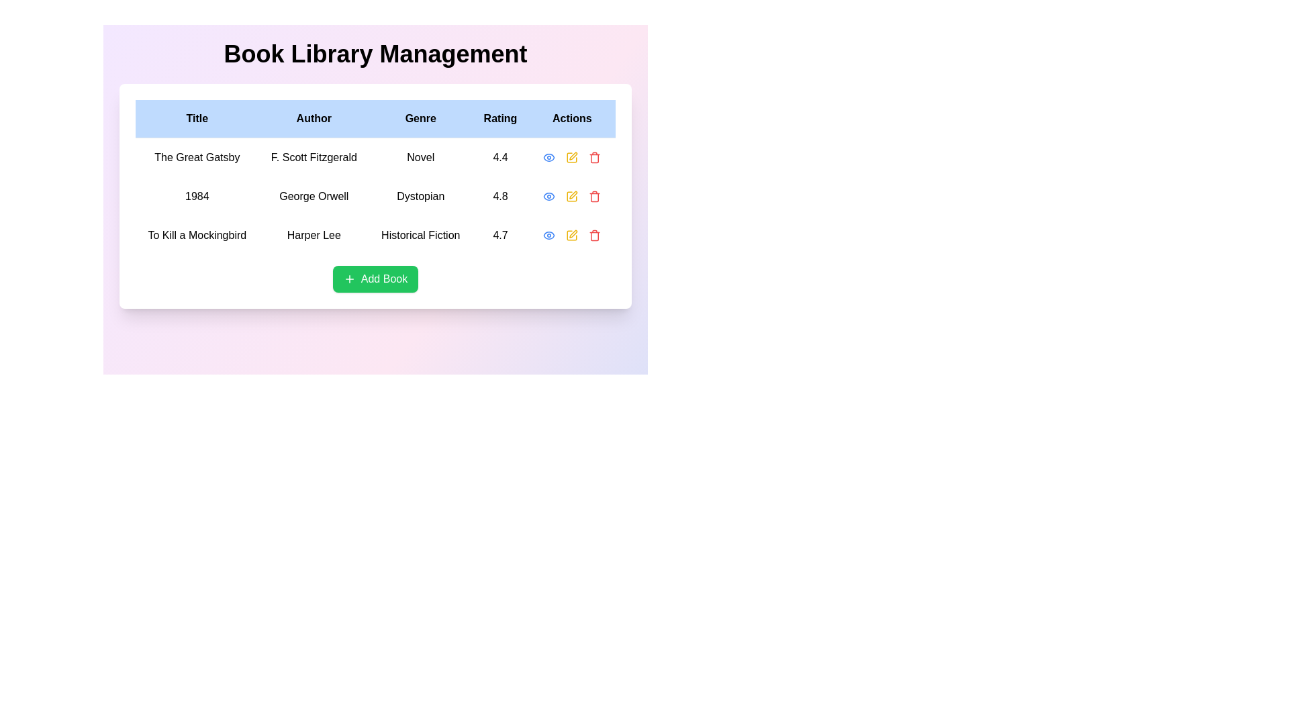 The height and width of the screenshot is (725, 1289). I want to click on the edit icon button located in the 'Actions' column of the last row in the table to initiate an editing action, so click(572, 235).